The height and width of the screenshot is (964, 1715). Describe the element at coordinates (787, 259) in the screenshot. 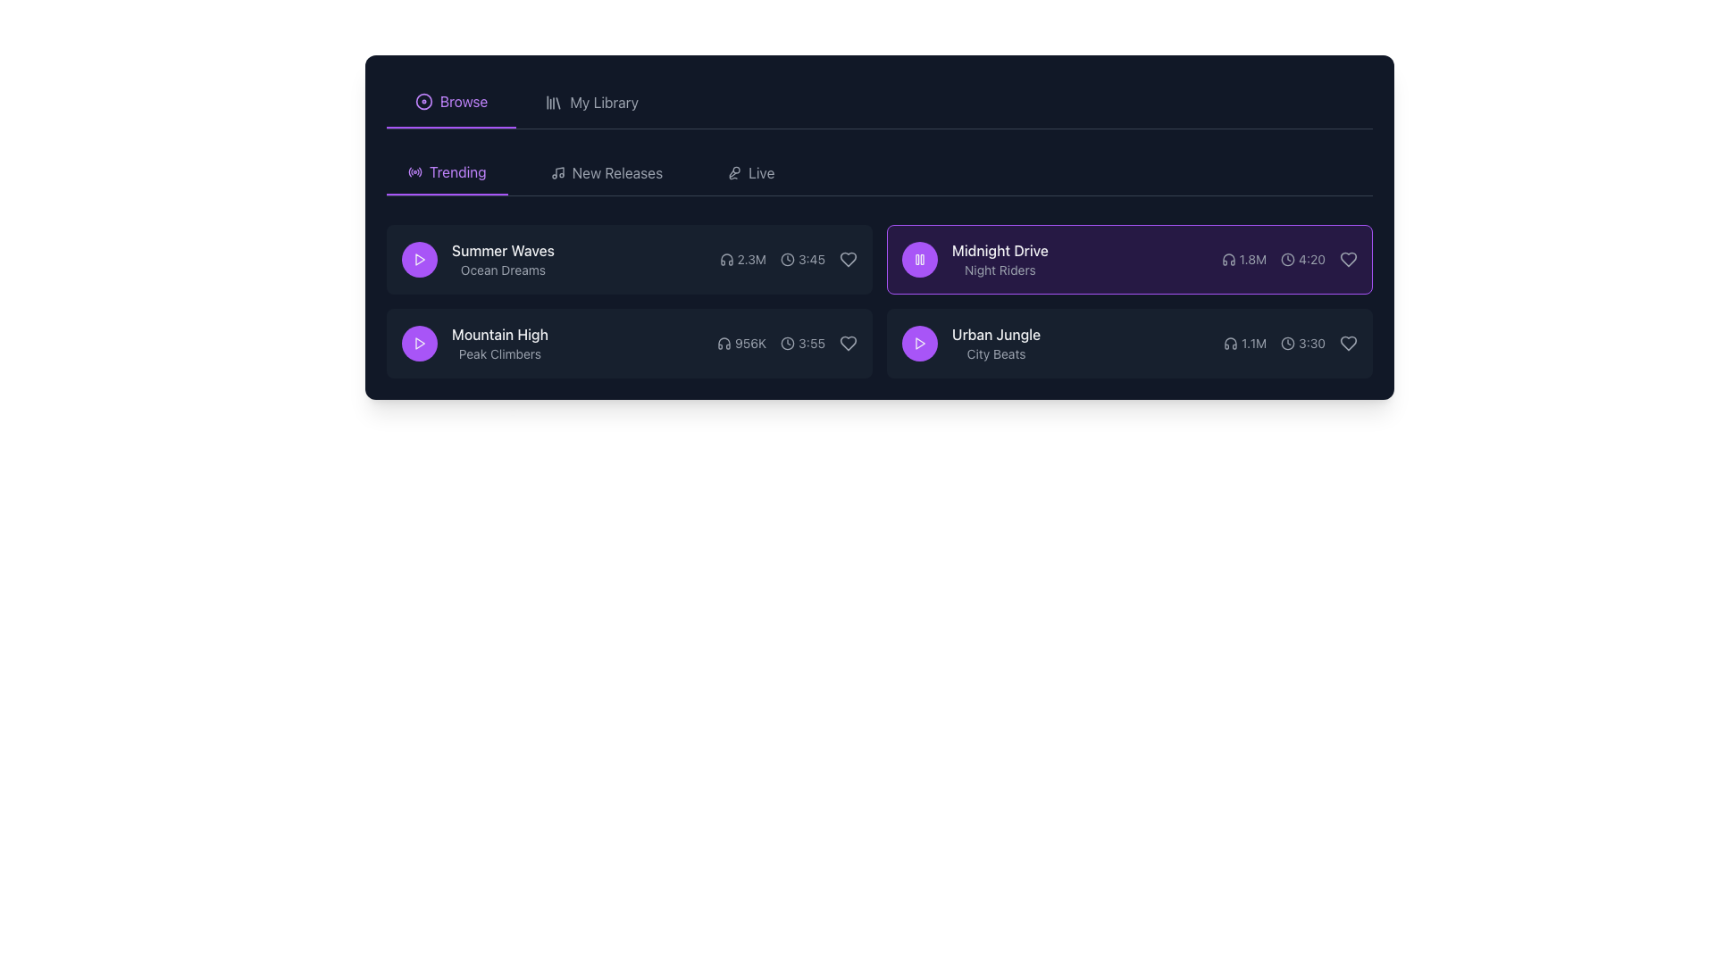

I see `the static content composed of icons and text in the 'Trending' section, specifically the entry for 'Summer Waves', which includes a headphone icon and a clock icon` at that location.